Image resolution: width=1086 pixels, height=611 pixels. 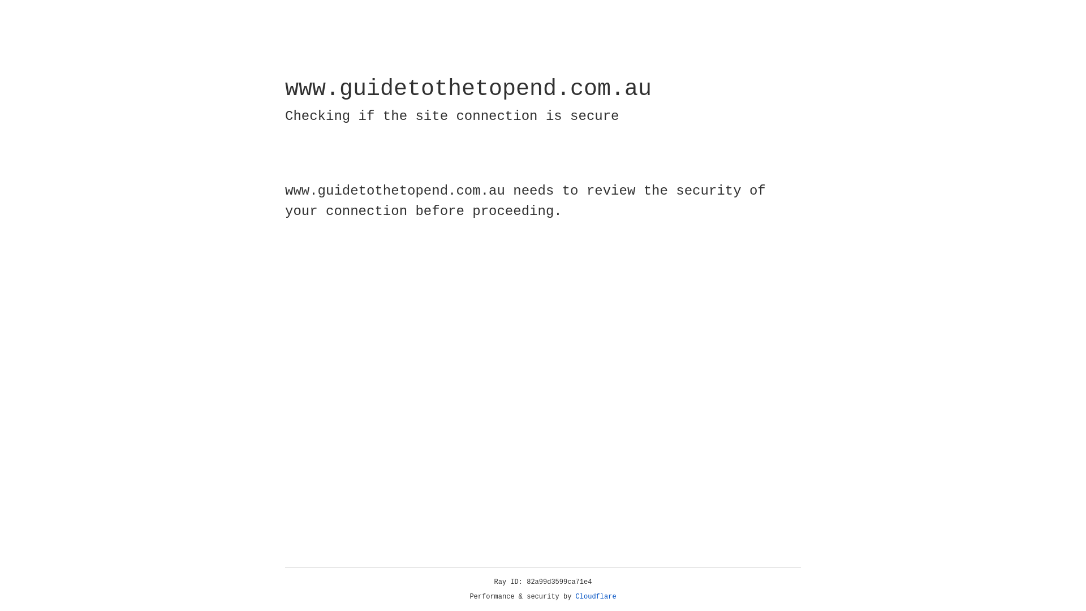 I want to click on 'Cloudflare', so click(x=596, y=596).